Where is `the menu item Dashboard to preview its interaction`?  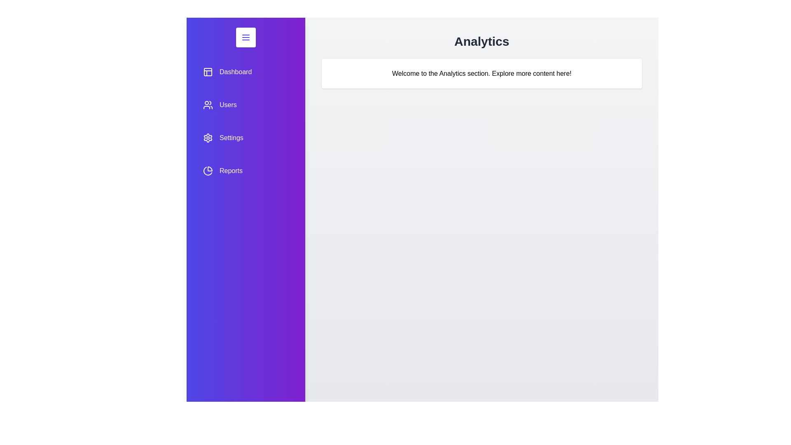 the menu item Dashboard to preview its interaction is located at coordinates (245, 71).